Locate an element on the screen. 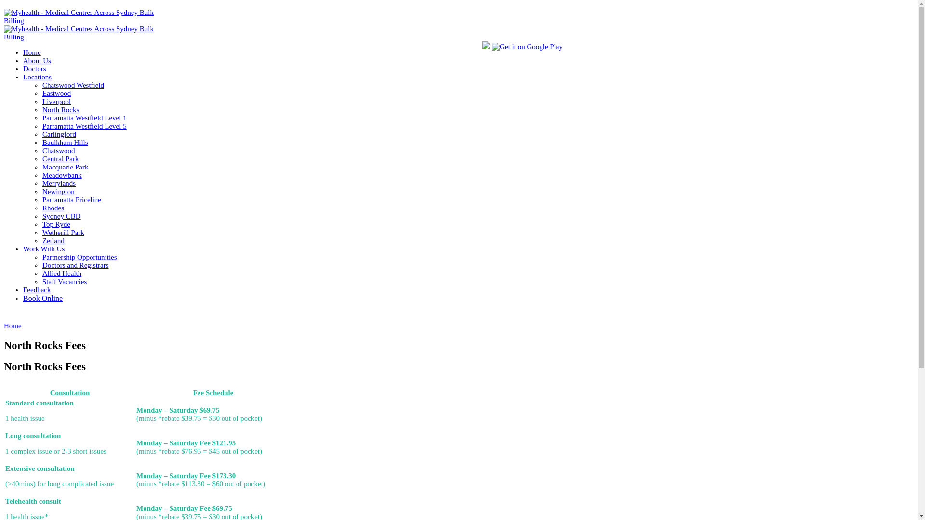  'Doctors' is located at coordinates (35, 68).